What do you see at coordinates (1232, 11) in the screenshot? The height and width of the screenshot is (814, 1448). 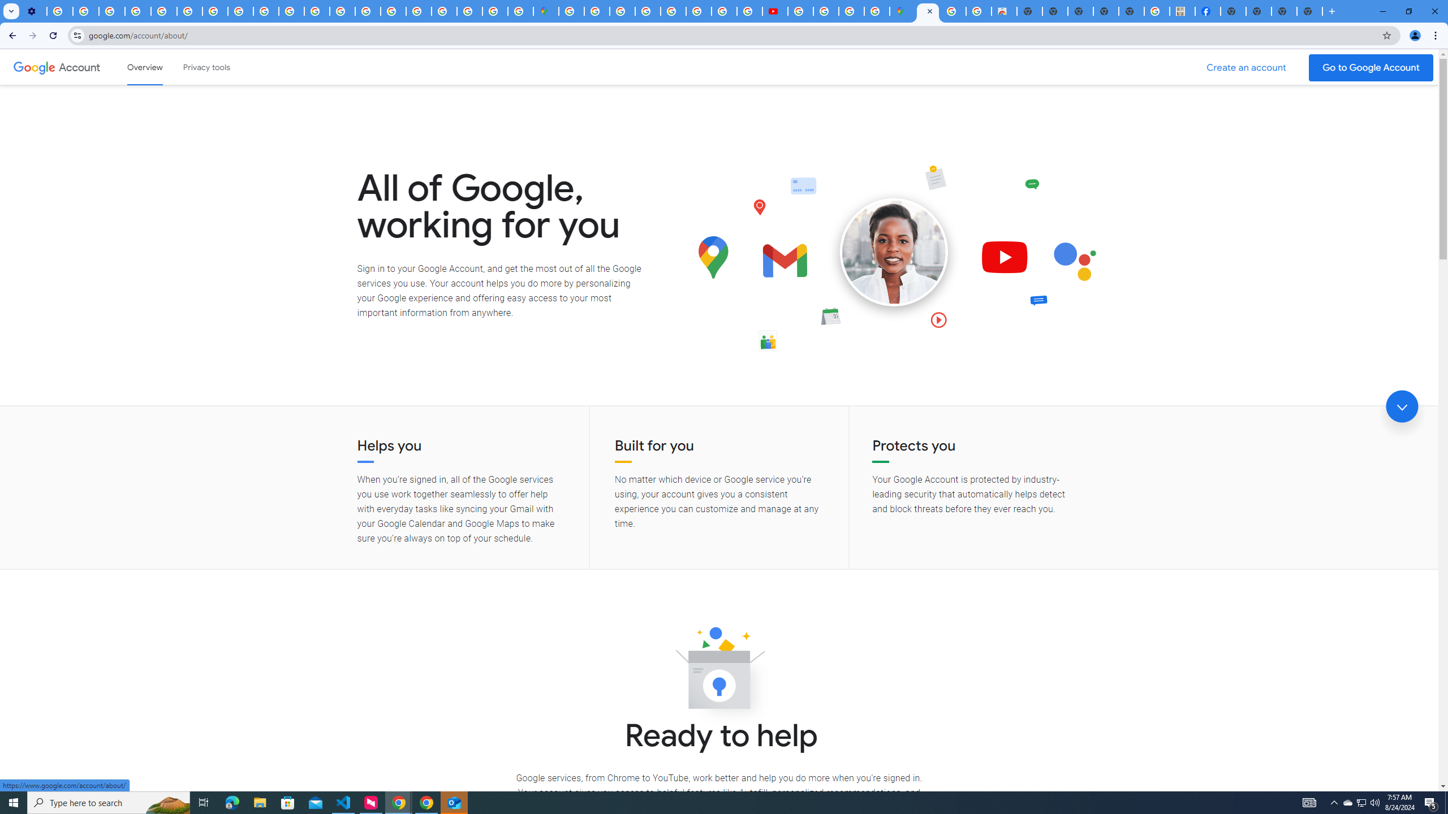 I see `'New Tab'` at bounding box center [1232, 11].